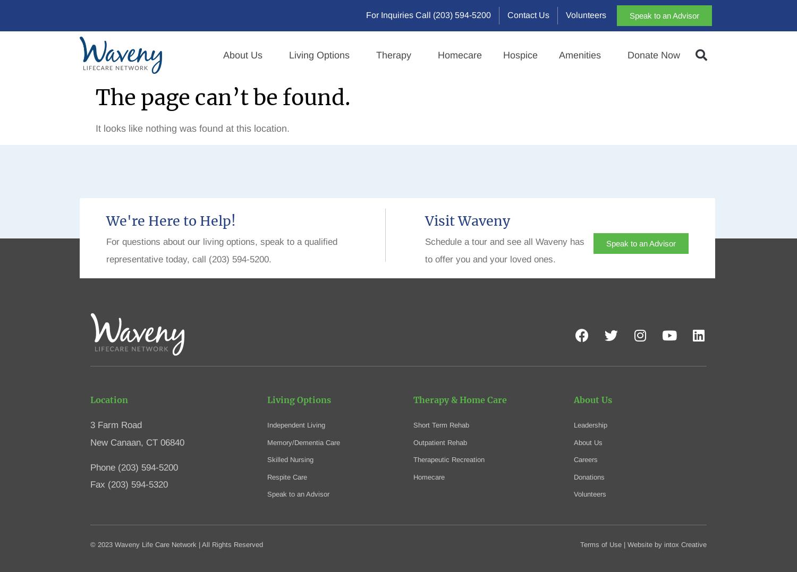  What do you see at coordinates (267, 476) in the screenshot?
I see `'Respite Care'` at bounding box center [267, 476].